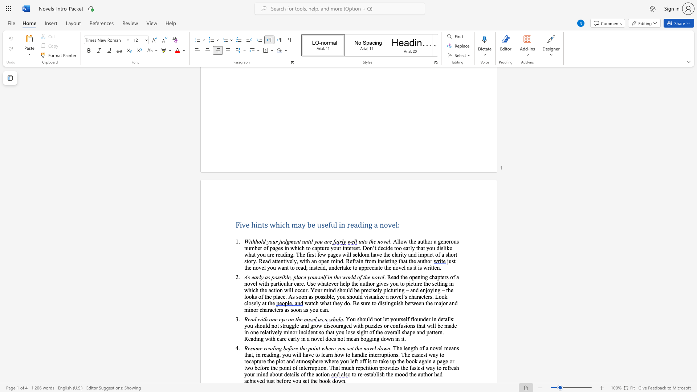 This screenshot has height=392, width=697. I want to click on the subset text "e easiest way to recaptur" within the text ". The length of a novel means that, in reading, you will have to learn how to handle interruptions. The easiest way to recapture the plot and atmosphere where you left off is to take up the book again a page or two before the point of interruption. That much repetition", so click(408, 354).